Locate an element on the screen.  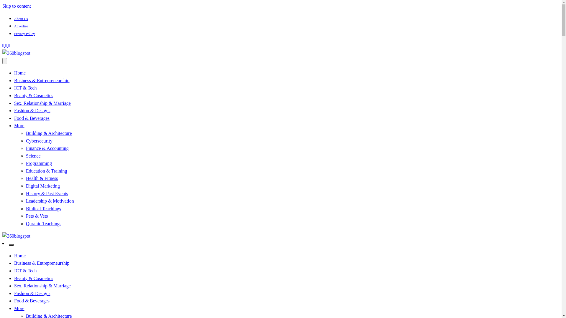
'ICT & Tech' is located at coordinates (25, 271).